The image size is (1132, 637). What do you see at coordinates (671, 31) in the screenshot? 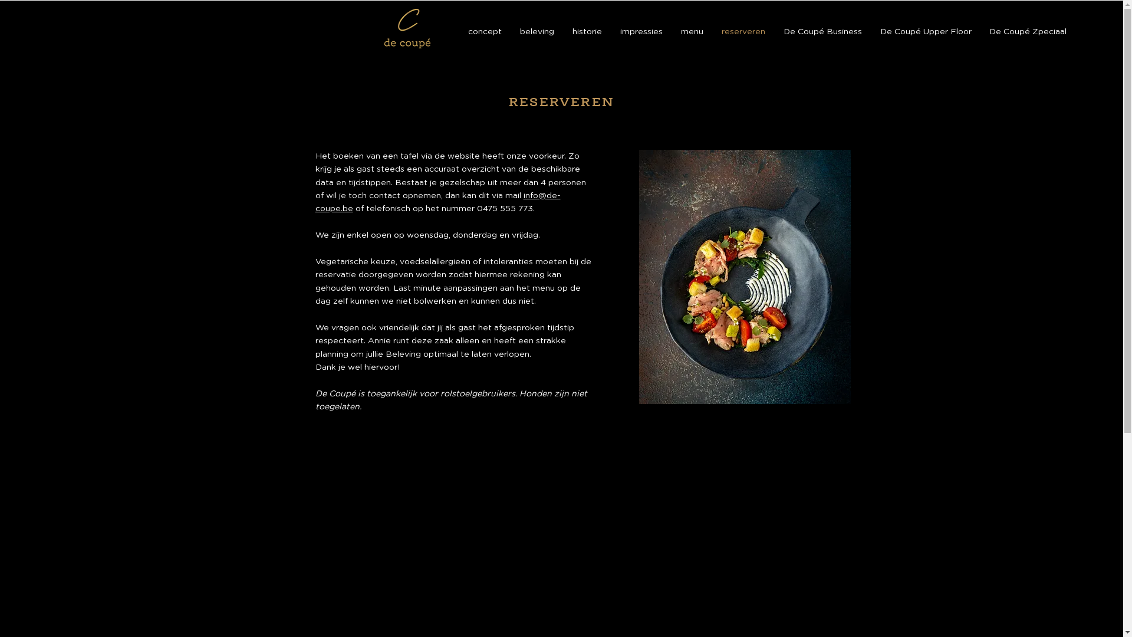
I see `'menu'` at bounding box center [671, 31].